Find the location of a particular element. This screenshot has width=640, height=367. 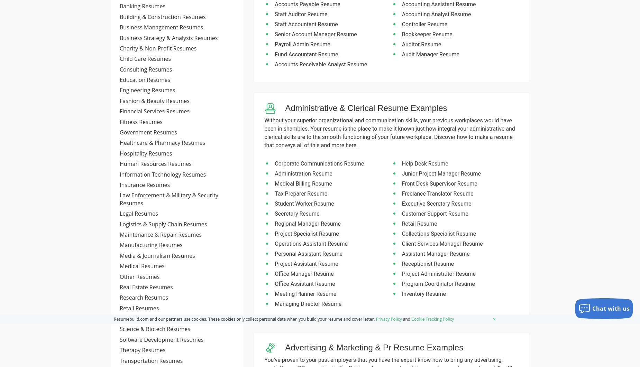

'fitness resumes' is located at coordinates (140, 121).